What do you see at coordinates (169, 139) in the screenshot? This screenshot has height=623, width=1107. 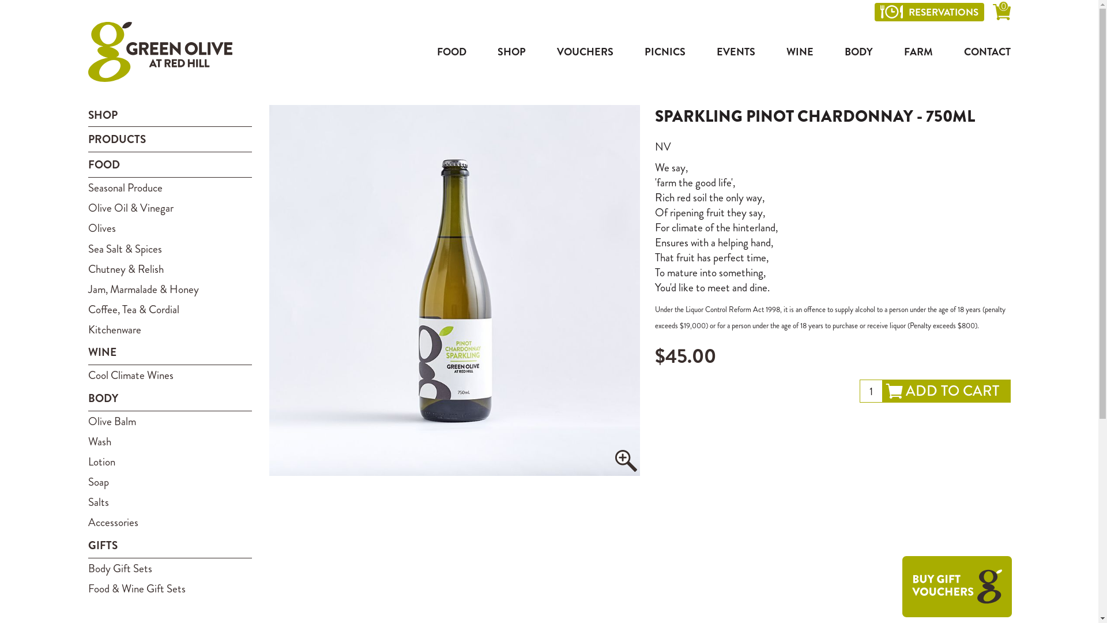 I see `'PRODUCTS'` at bounding box center [169, 139].